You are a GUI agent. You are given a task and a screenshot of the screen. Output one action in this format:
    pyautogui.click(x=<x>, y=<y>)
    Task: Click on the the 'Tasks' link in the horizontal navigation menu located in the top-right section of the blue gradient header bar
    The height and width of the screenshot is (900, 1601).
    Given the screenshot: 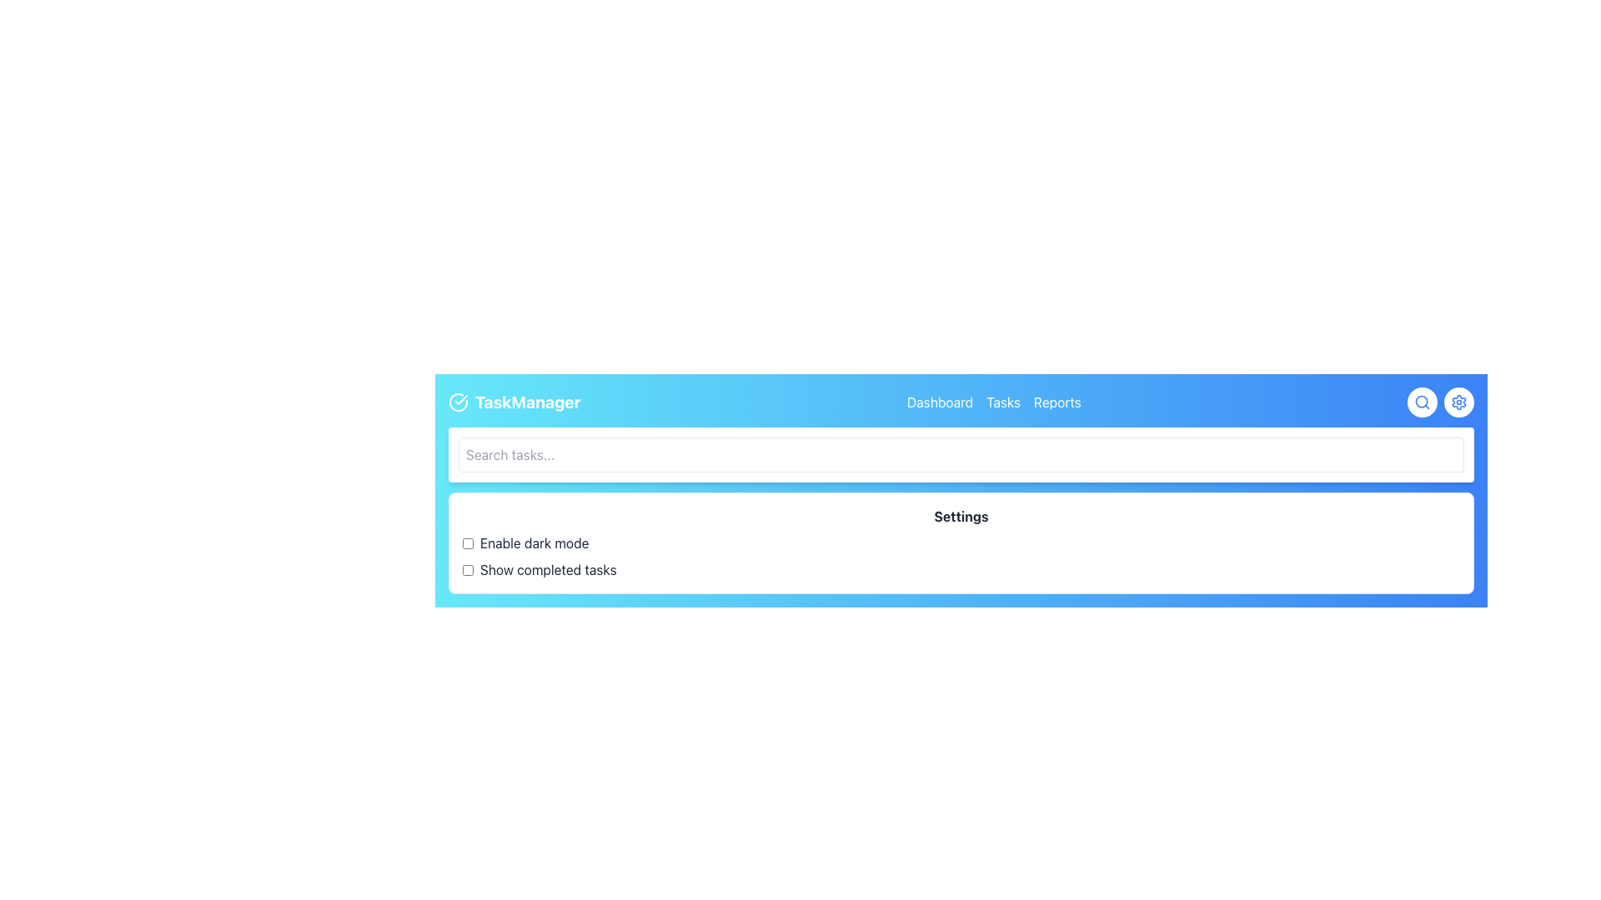 What is the action you would take?
    pyautogui.click(x=993, y=402)
    